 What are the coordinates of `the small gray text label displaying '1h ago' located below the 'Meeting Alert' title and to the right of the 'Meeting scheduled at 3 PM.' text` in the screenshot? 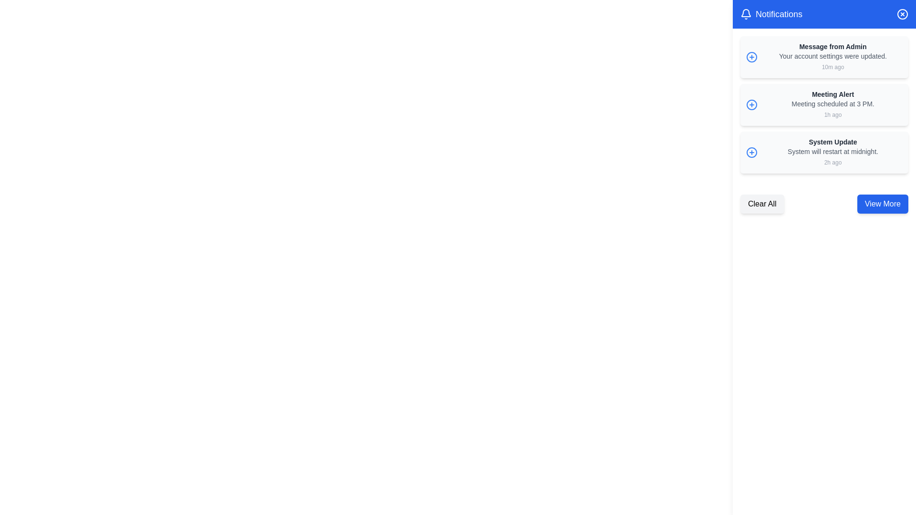 It's located at (833, 114).